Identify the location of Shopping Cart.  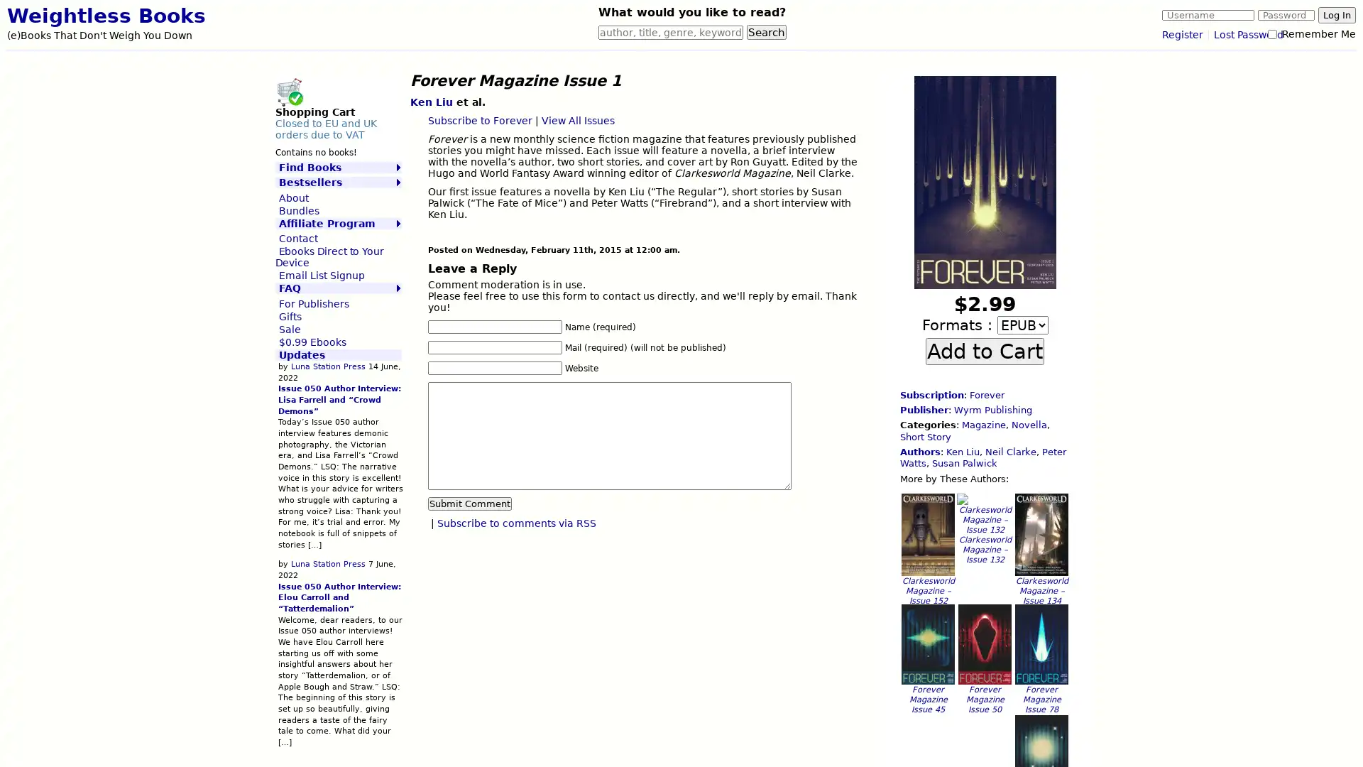
(288, 91).